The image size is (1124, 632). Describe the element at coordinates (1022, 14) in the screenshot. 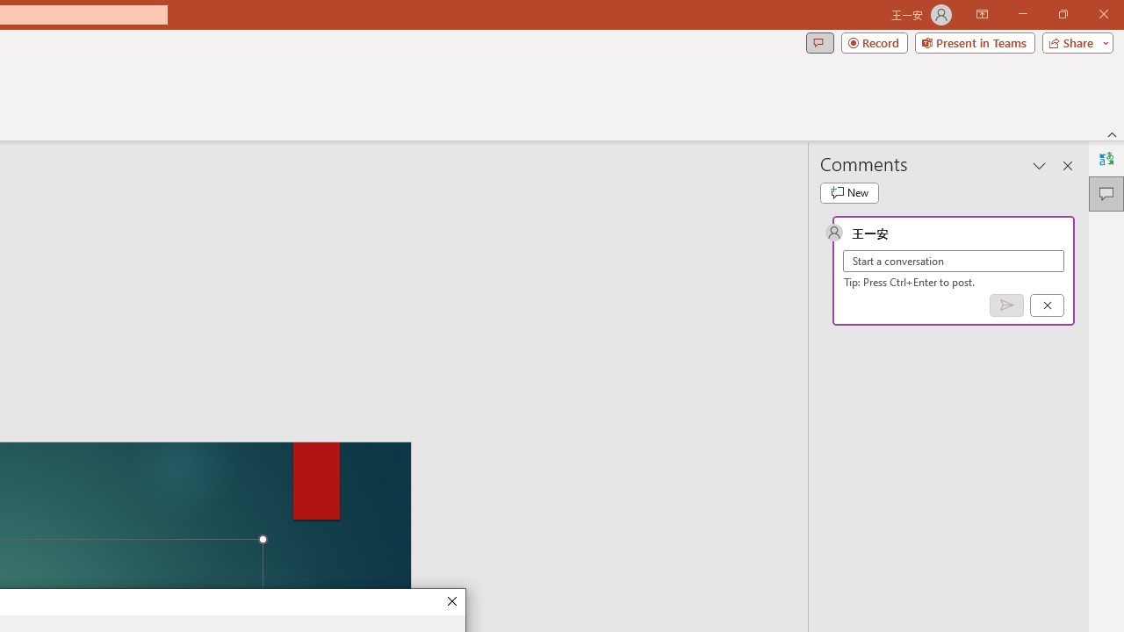

I see `'Minimize'` at that location.